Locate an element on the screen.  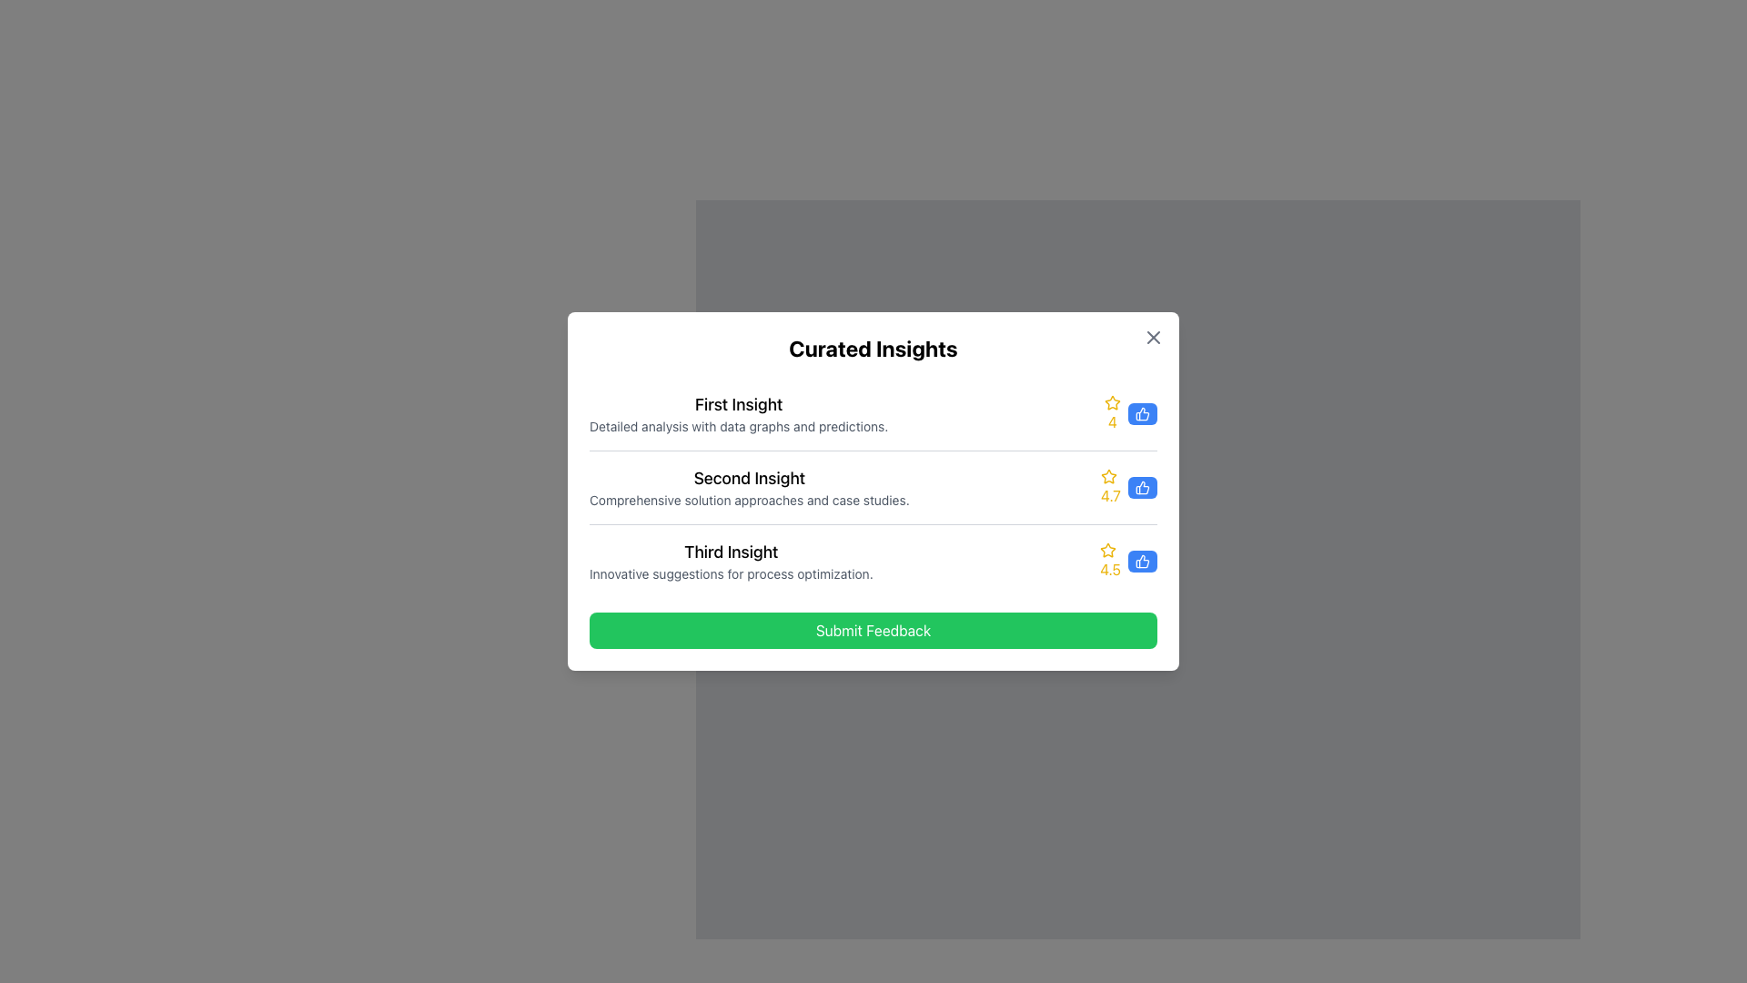
the third button in the vertical list to register a like for the corresponding item, located adjacent to the '4.5' text at the bottom right corner of the row is located at coordinates (1142, 561).